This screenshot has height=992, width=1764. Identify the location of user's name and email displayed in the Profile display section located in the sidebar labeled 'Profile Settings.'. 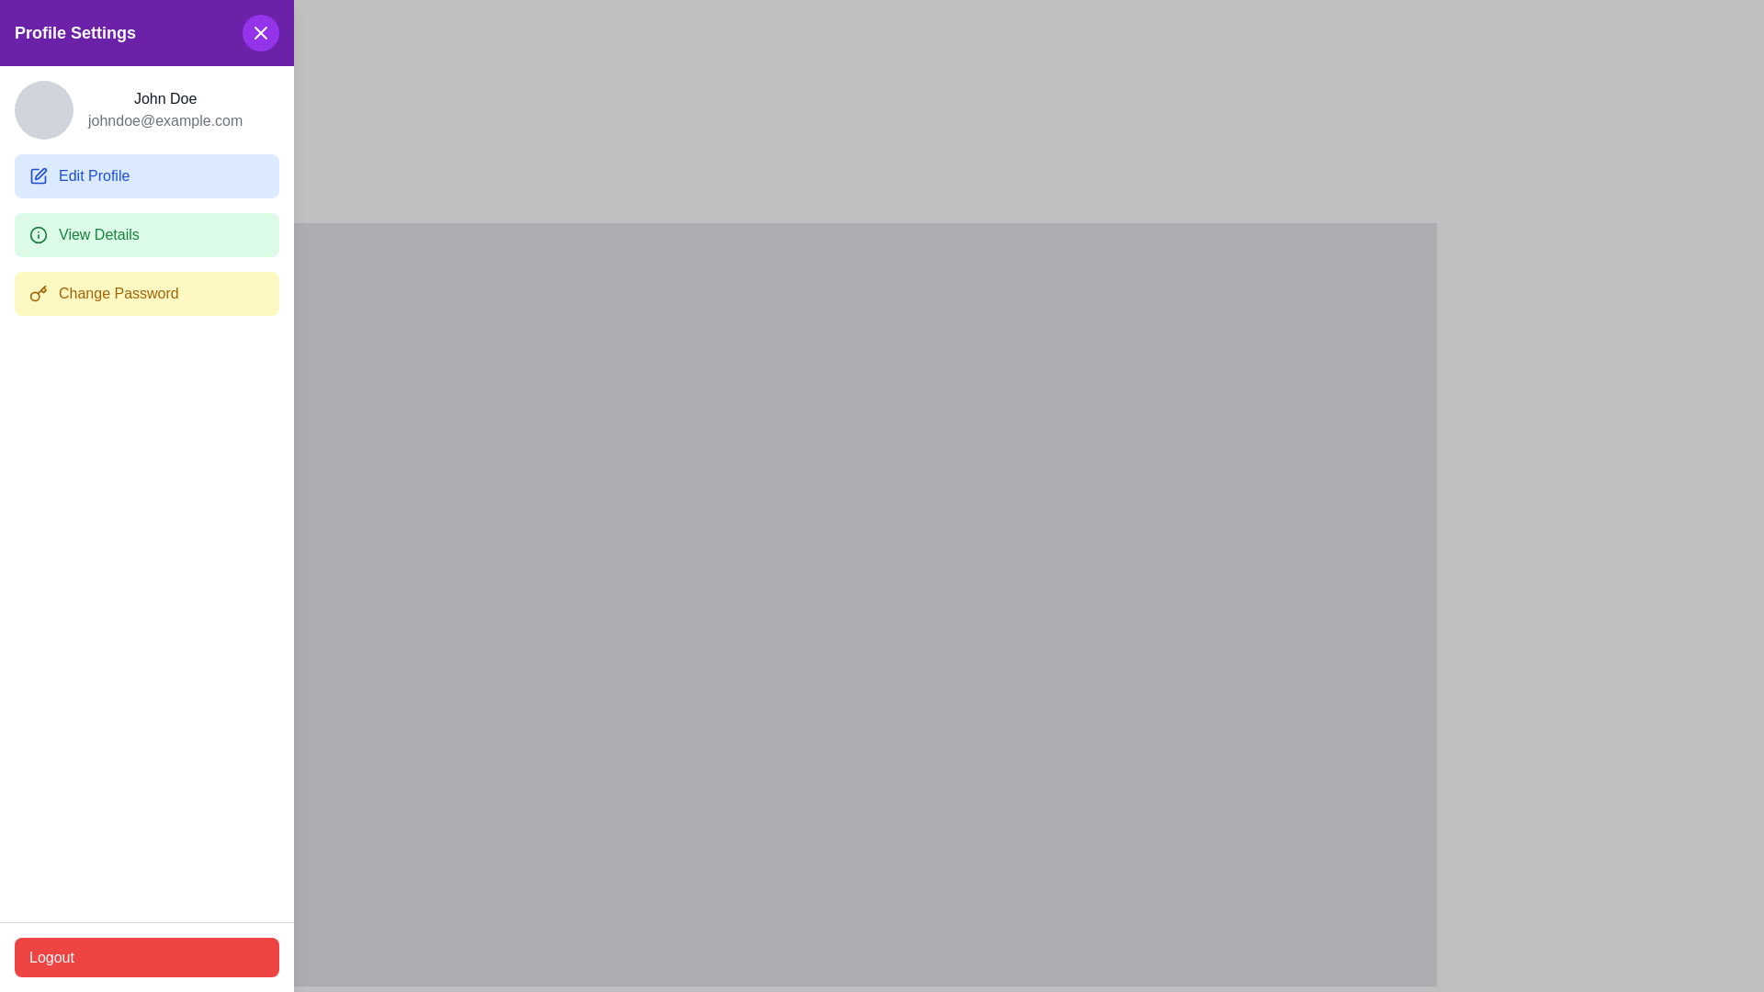
(145, 109).